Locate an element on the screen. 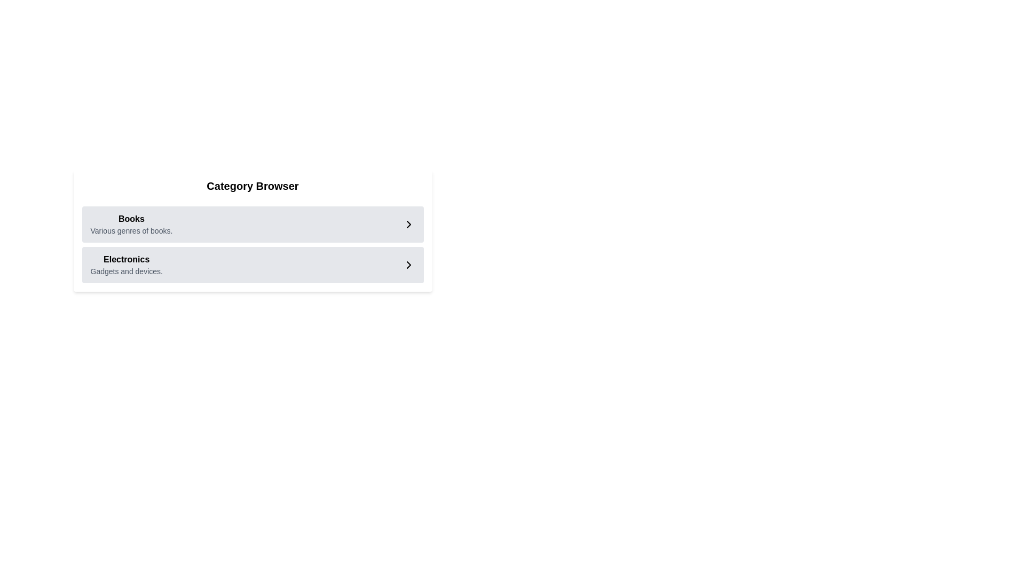 The width and height of the screenshot is (1025, 576). the right-pointing chevron icon, which is styled with a minimalistic design and located to the far right side of the 'Electronics' category item under 'Category Browser' is located at coordinates (408, 265).